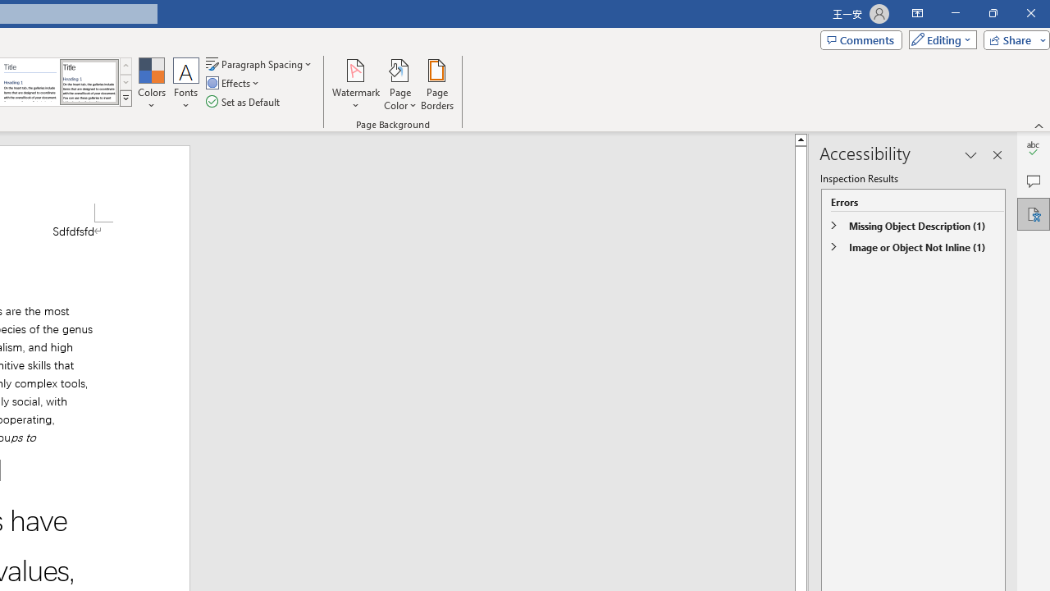 The height and width of the screenshot is (591, 1050). Describe the element at coordinates (259, 63) in the screenshot. I see `'Paragraph Spacing'` at that location.